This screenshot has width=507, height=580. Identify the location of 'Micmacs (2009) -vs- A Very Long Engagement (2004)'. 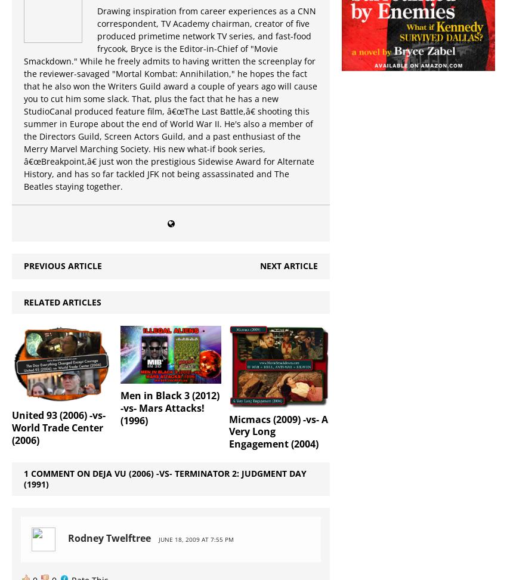
(277, 430).